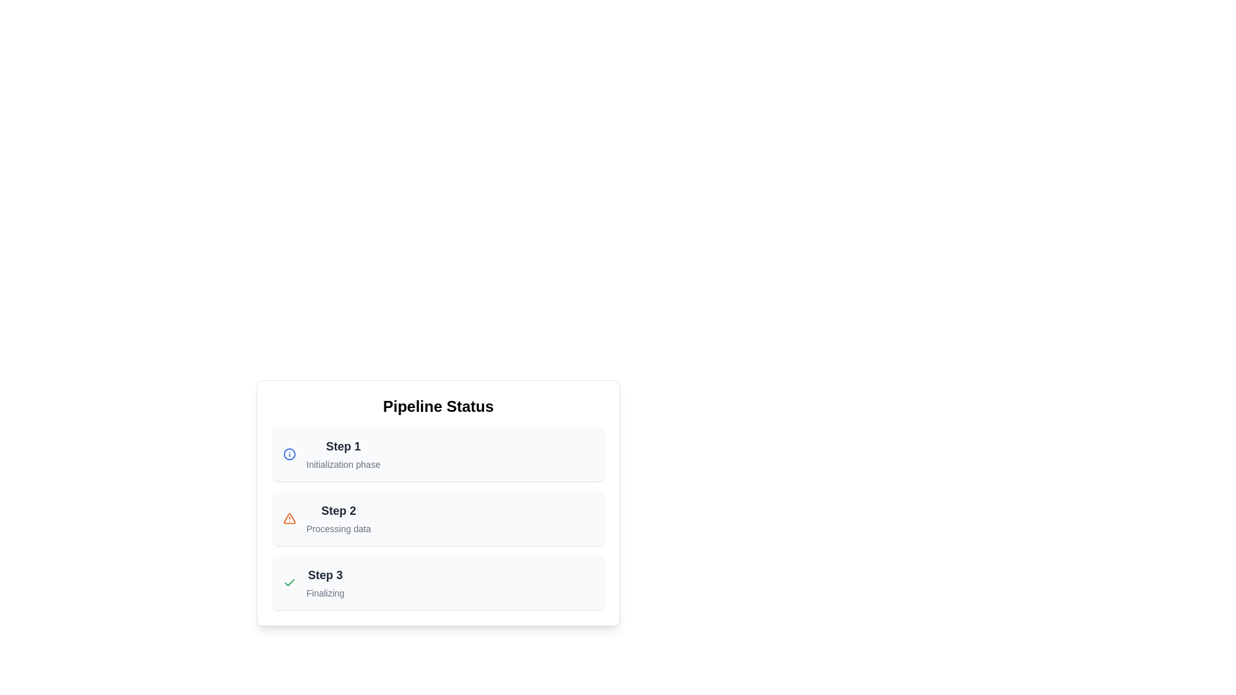 The height and width of the screenshot is (695, 1236). What do you see at coordinates (438, 503) in the screenshot?
I see `the informational card representing the second step in the pipeline process, which provides information about the 'Processing data' phase` at bounding box center [438, 503].